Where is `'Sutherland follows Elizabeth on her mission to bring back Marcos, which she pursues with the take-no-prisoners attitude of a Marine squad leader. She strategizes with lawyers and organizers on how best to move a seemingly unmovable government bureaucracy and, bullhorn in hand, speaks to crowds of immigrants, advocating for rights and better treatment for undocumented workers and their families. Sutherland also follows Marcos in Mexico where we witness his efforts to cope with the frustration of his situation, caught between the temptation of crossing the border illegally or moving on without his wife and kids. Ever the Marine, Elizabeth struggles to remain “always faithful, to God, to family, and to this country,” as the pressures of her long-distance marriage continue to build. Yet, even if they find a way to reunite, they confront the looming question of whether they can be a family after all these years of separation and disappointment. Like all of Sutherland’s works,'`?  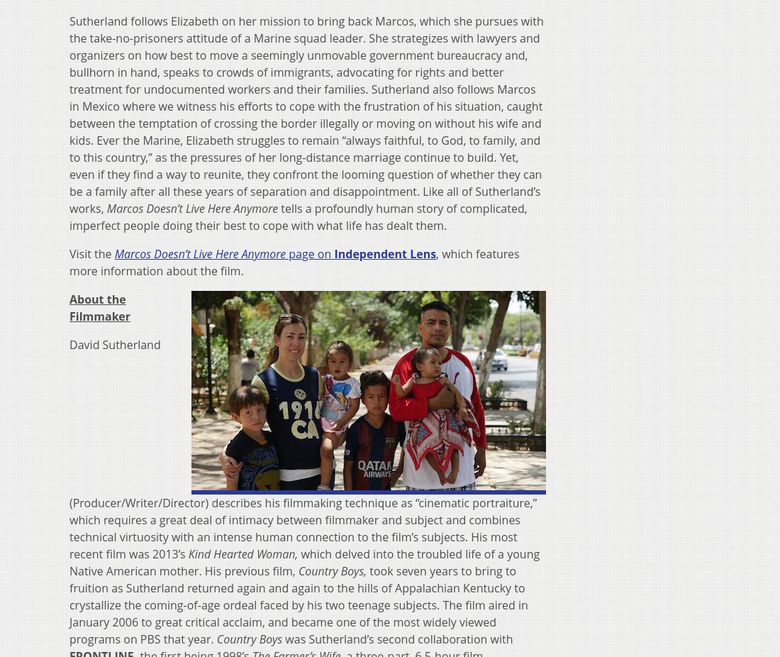 'Sutherland follows Elizabeth on her mission to bring back Marcos, which she pursues with the take-no-prisoners attitude of a Marine squad leader. She strategizes with lawyers and organizers on how best to move a seemingly unmovable government bureaucracy and, bullhorn in hand, speaks to crowds of immigrants, advocating for rights and better treatment for undocumented workers and their families. Sutherland also follows Marcos in Mexico where we witness his efforts to cope with the frustration of his situation, caught between the temptation of crossing the border illegally or moving on without his wife and kids. Ever the Marine, Elizabeth struggles to remain “always faithful, to God, to family, and to this country,” as the pressures of her long-distance marriage continue to build. Yet, even if they find a way to reunite, they confront the looming question of whether they can be a family after all these years of separation and disappointment. Like all of Sutherland’s works,' is located at coordinates (69, 114).